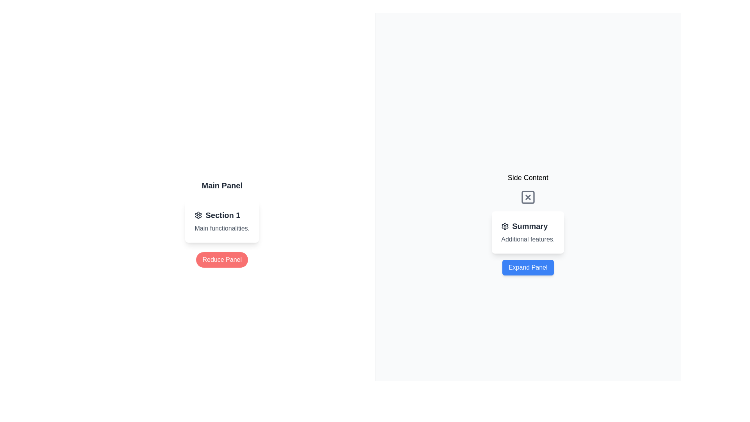 The width and height of the screenshot is (750, 422). What do you see at coordinates (198, 215) in the screenshot?
I see `the settings icon located to the left of the 'Section 1' label in the 'Main Panel' area` at bounding box center [198, 215].